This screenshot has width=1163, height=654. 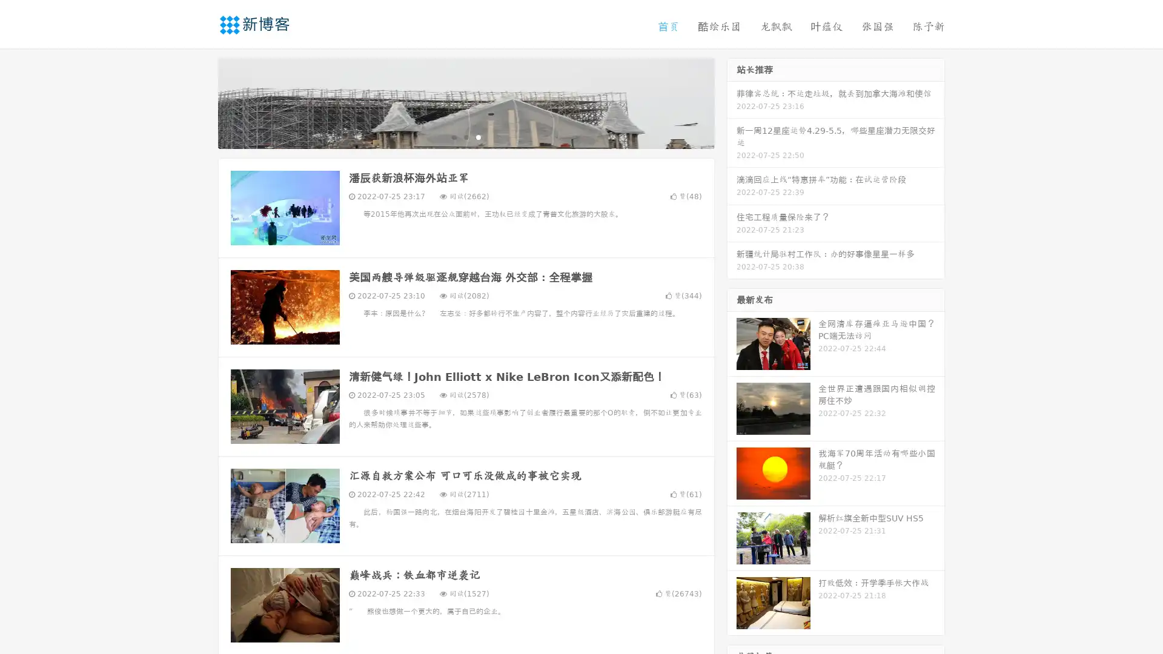 I want to click on Go to slide 3, so click(x=478, y=136).